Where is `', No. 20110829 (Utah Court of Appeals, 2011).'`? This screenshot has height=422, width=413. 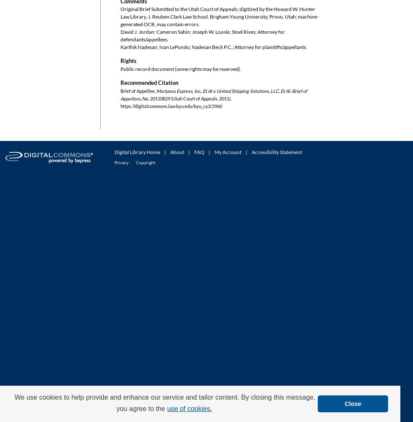 ', No. 20110829 (Utah Court of Appeals, 2011).' is located at coordinates (186, 97).